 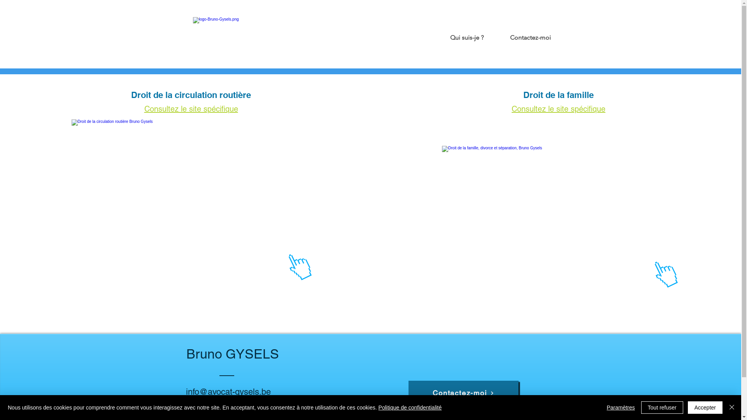 What do you see at coordinates (487, 34) in the screenshot?
I see `'Contactez-moi'` at bounding box center [487, 34].